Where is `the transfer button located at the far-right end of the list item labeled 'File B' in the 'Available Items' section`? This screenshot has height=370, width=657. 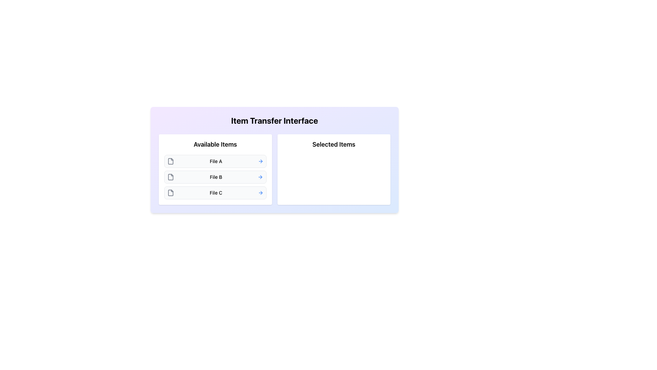
the transfer button located at the far-right end of the list item labeled 'File B' in the 'Available Items' section is located at coordinates (260, 176).